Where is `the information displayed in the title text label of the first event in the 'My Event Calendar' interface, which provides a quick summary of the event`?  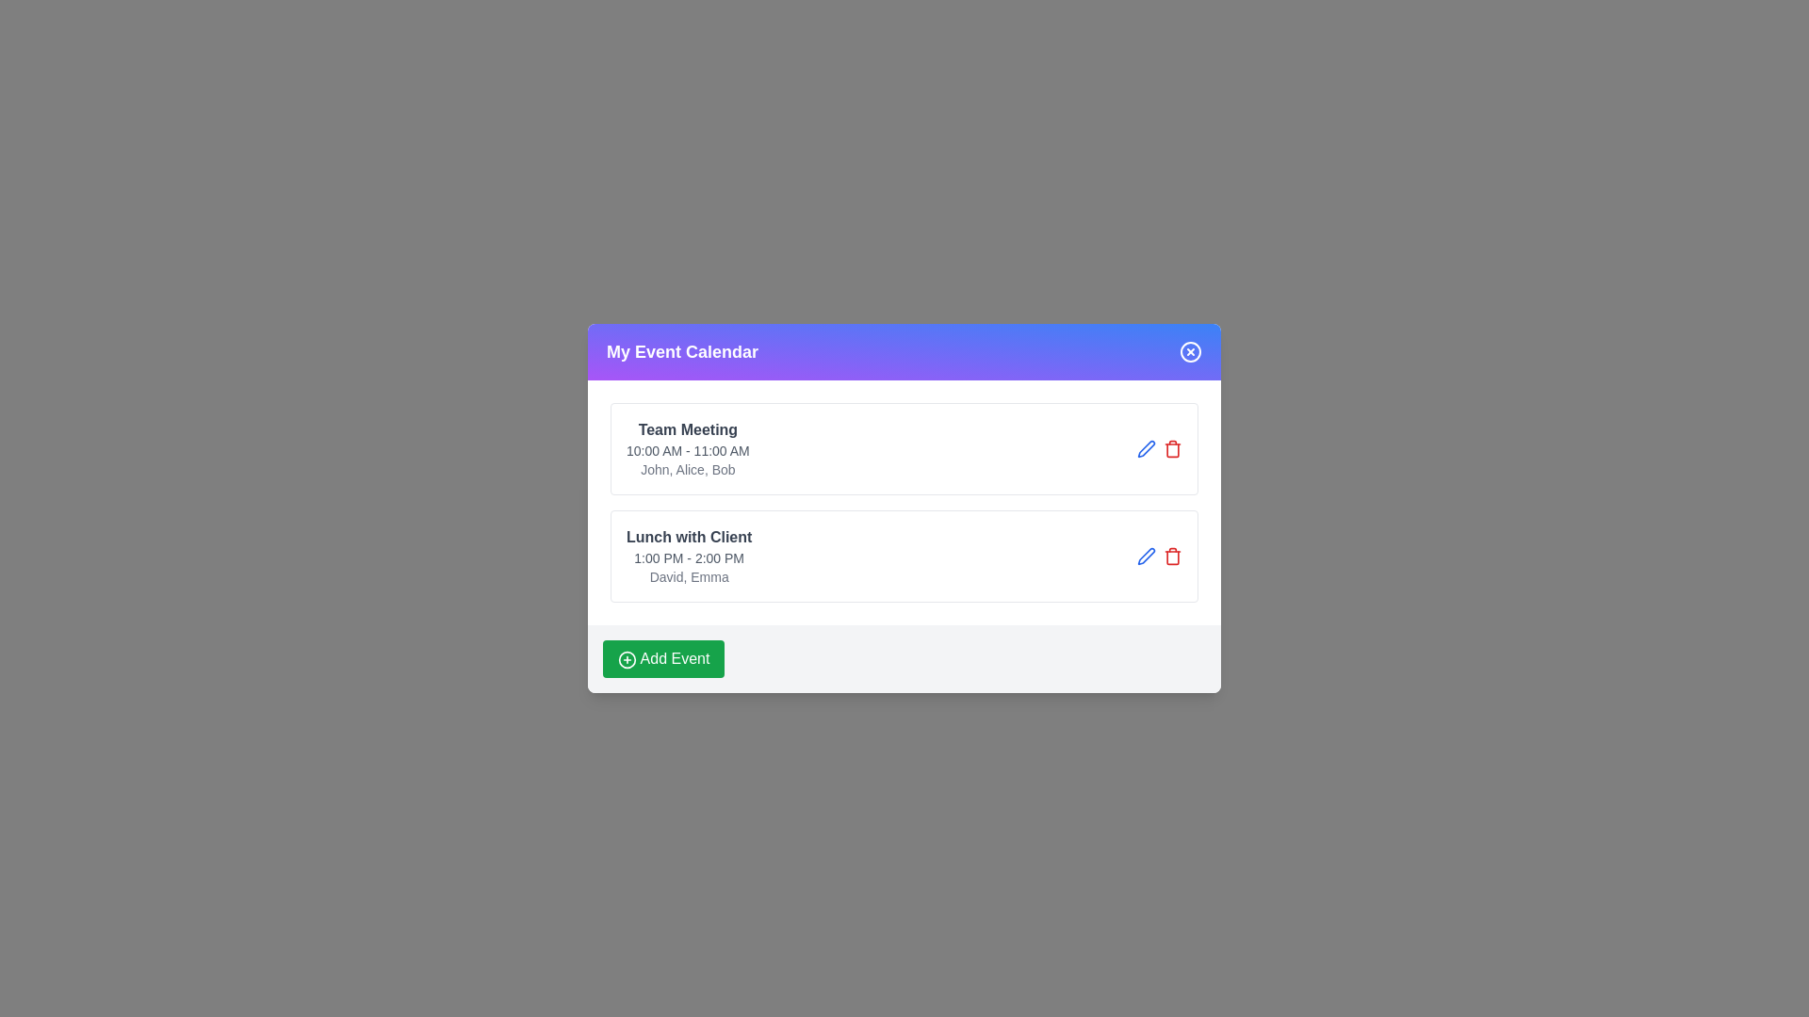
the information displayed in the title text label of the first event in the 'My Event Calendar' interface, which provides a quick summary of the event is located at coordinates (687, 429).